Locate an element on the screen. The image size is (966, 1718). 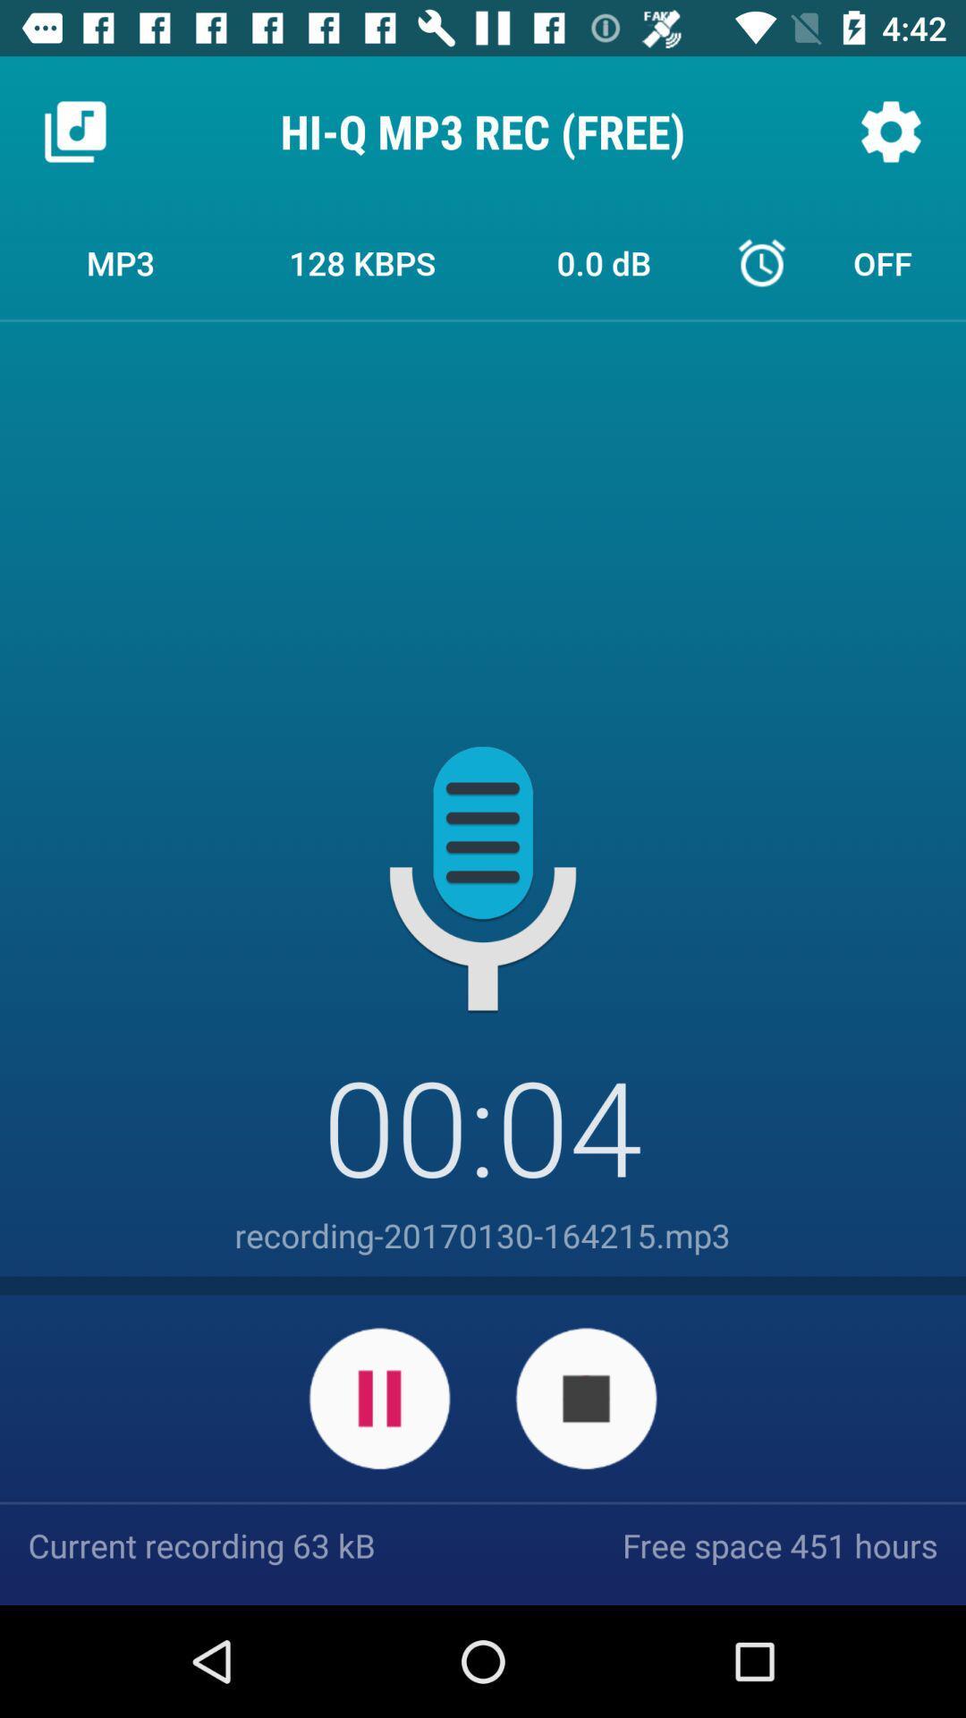
item below the hi q mp3 is located at coordinates (362, 261).